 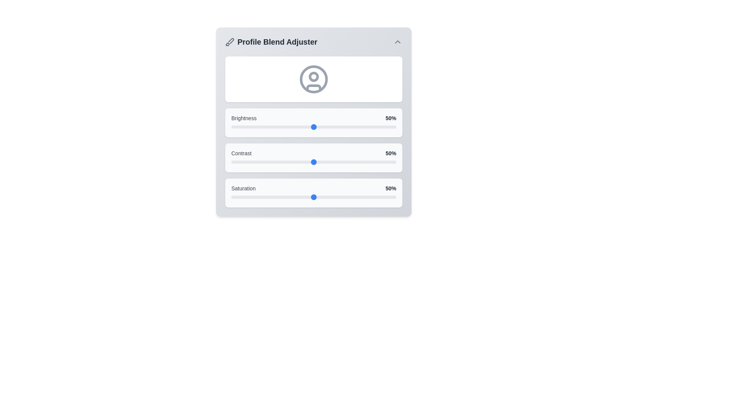 I want to click on the small gray icon depicting a stylized brush, which is located to the immediate left of the 'Profile Blend Adjuster' text label, so click(x=229, y=42).